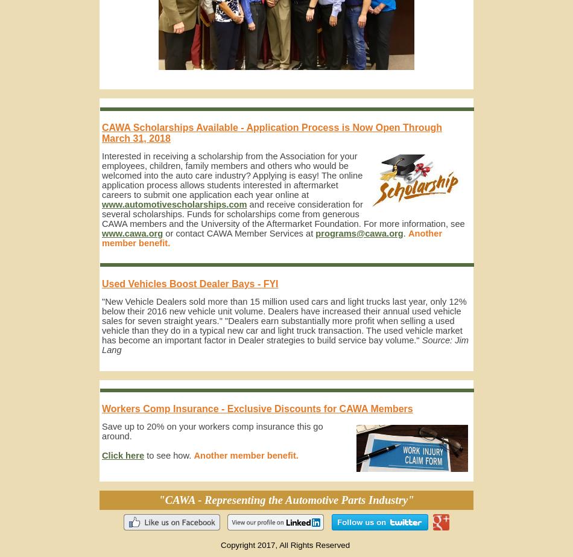 This screenshot has width=573, height=557. I want to click on 'www.automotivescholarships.com', so click(173, 205).